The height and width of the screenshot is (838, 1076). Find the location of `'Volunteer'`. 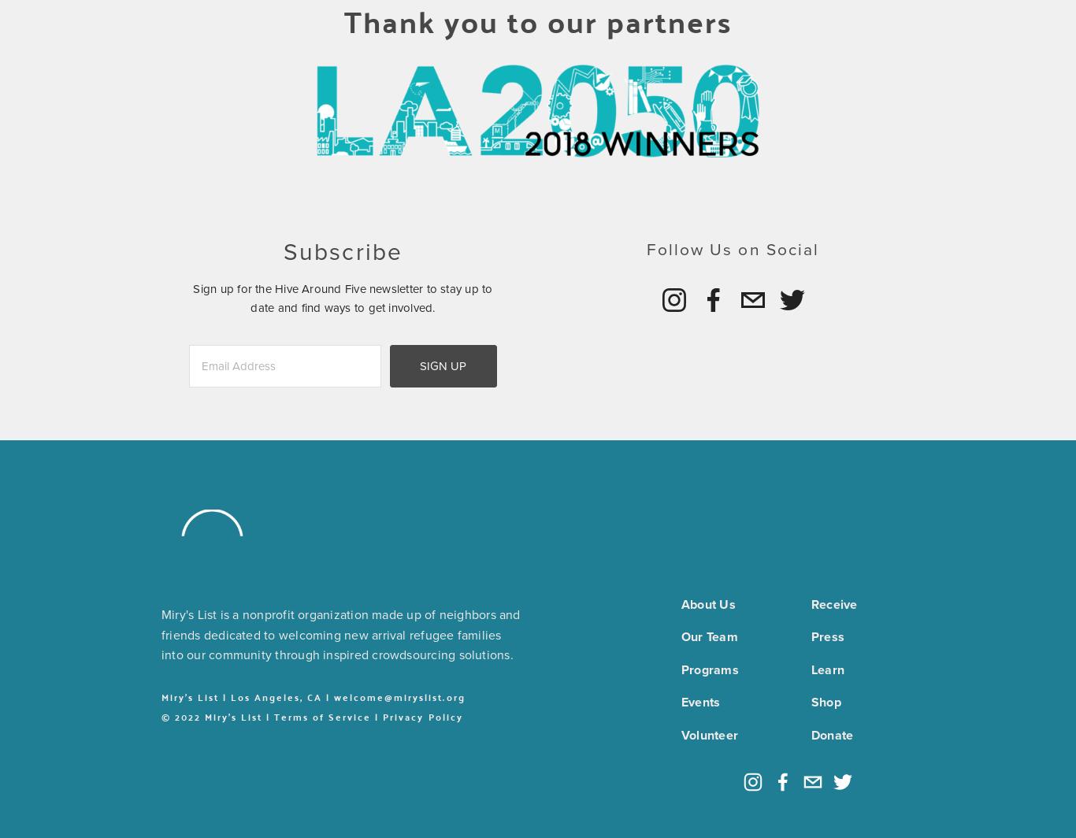

'Volunteer' is located at coordinates (709, 734).